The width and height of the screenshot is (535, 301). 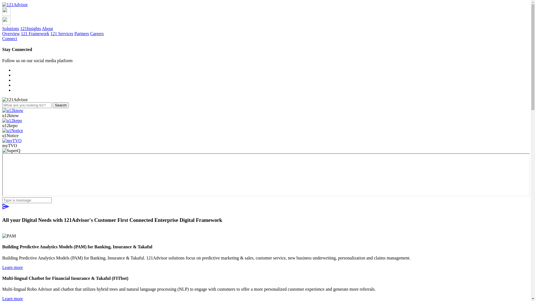 I want to click on 'Overview', so click(x=2, y=33).